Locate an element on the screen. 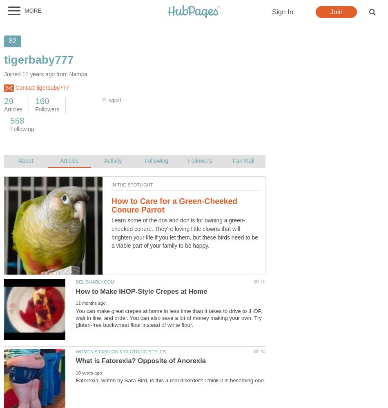 Image resolution: width=388 pixels, height=408 pixels. 'Join' is located at coordinates (336, 12).